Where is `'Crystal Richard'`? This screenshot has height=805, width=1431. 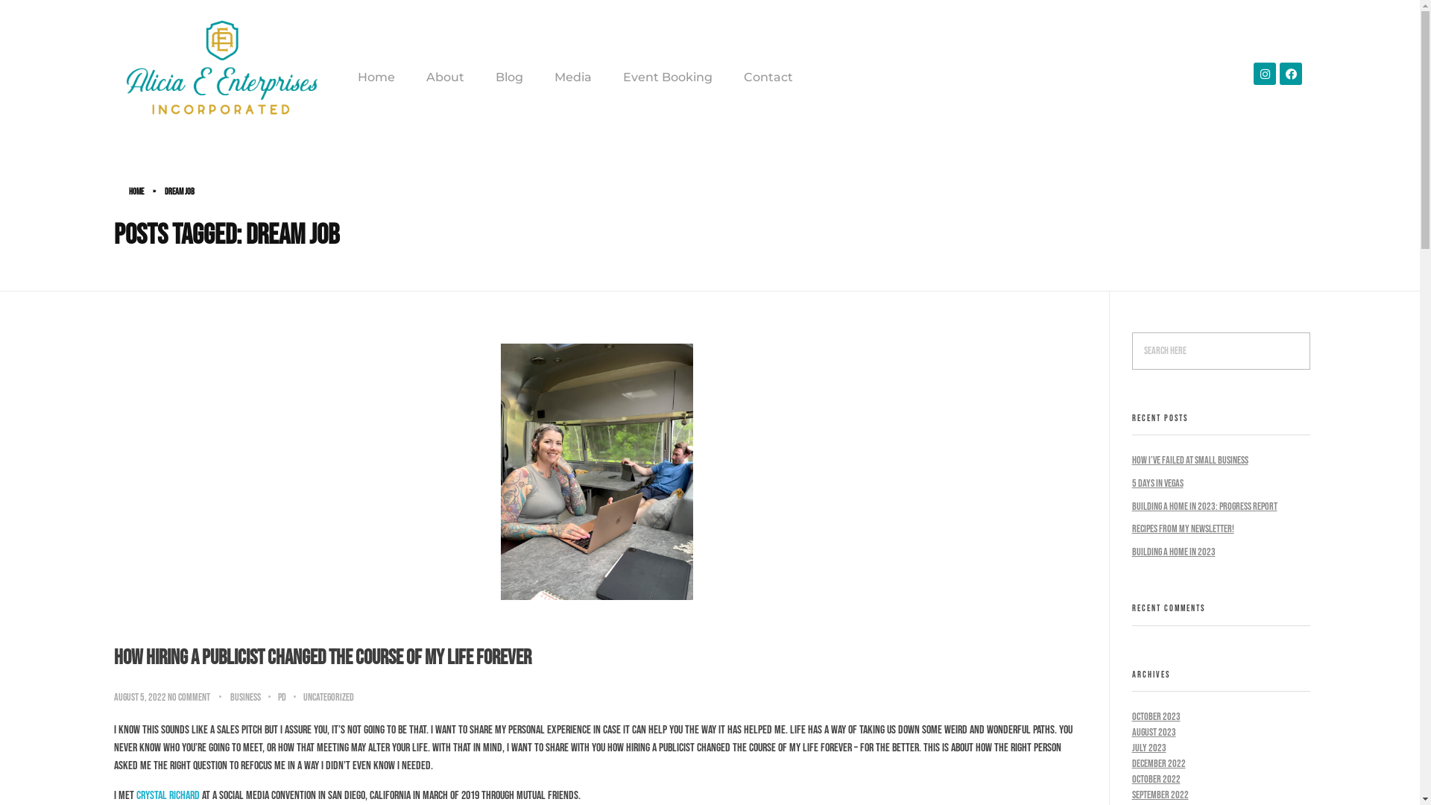
'Crystal Richard' is located at coordinates (136, 795).